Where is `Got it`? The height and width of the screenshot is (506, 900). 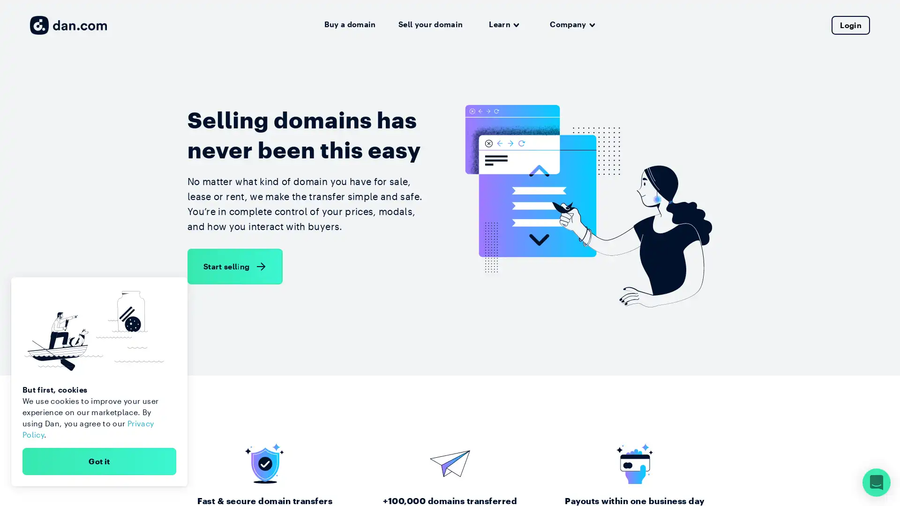
Got it is located at coordinates (99, 461).